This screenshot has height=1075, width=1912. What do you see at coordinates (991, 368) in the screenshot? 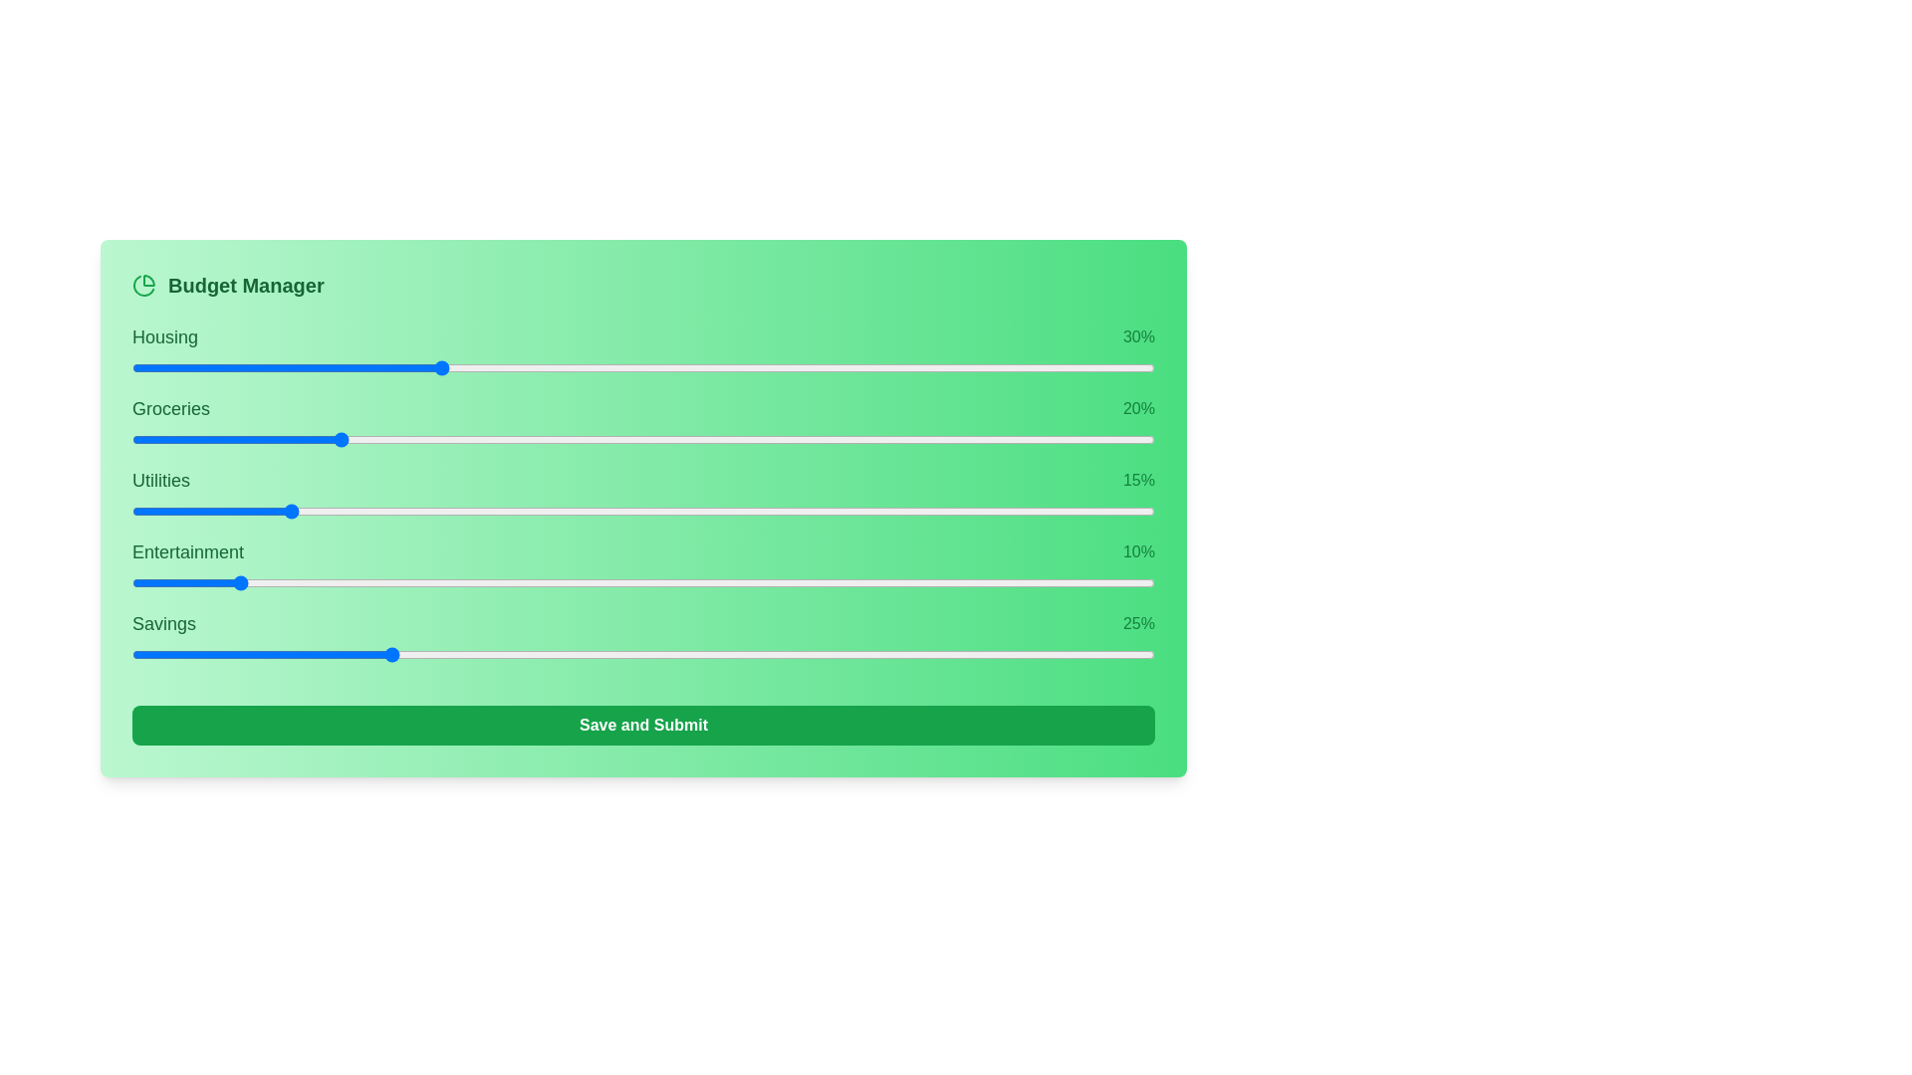
I see `the slider for 0 to 68% allocation` at bounding box center [991, 368].